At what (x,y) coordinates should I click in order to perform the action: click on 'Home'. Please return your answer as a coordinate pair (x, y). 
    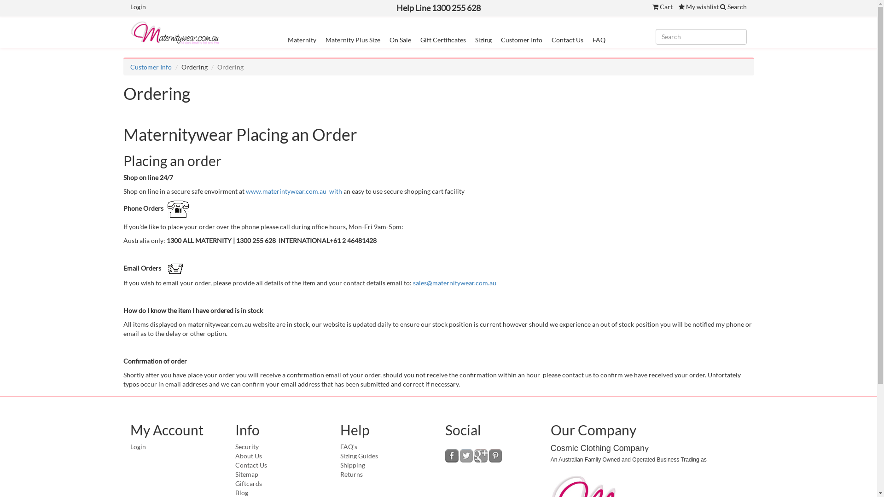
    Looking at the image, I should click on (179, 32).